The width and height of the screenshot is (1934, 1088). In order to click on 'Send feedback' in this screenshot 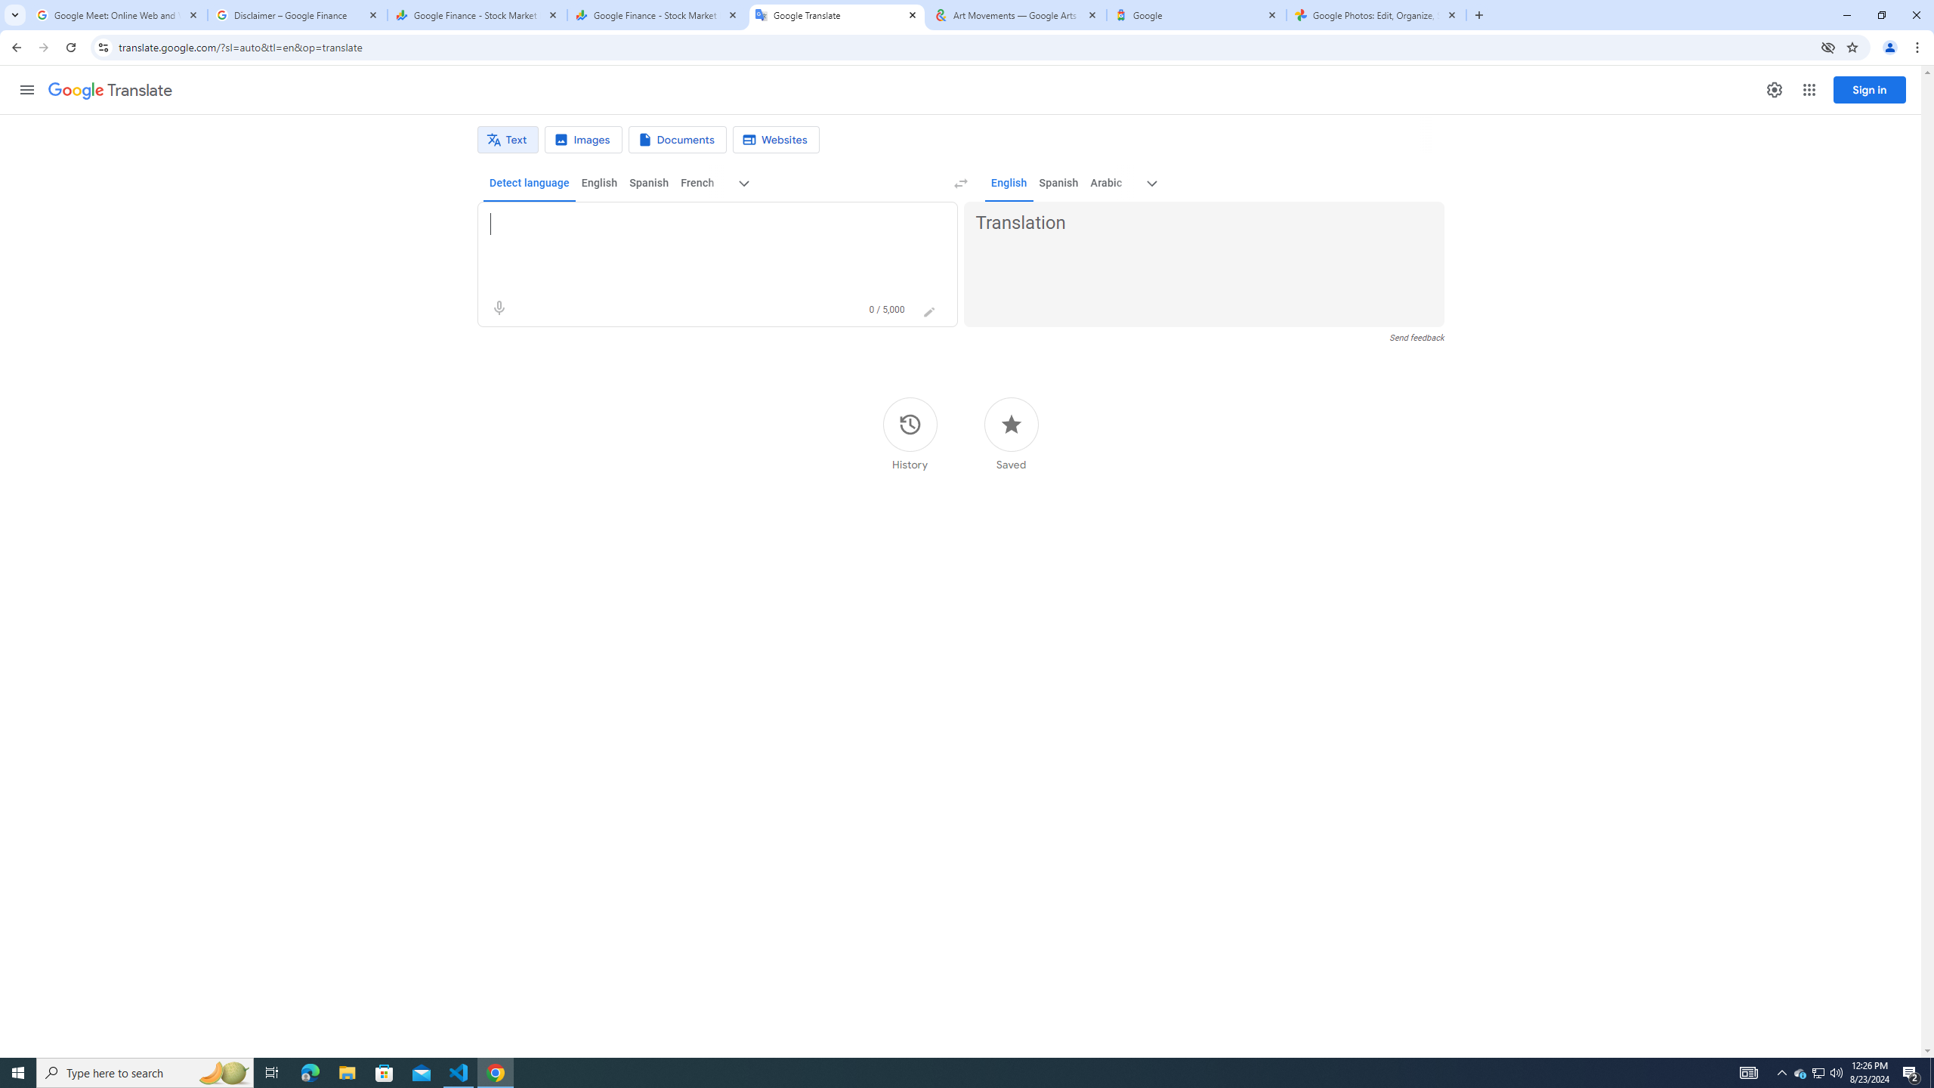, I will do `click(1417, 338)`.